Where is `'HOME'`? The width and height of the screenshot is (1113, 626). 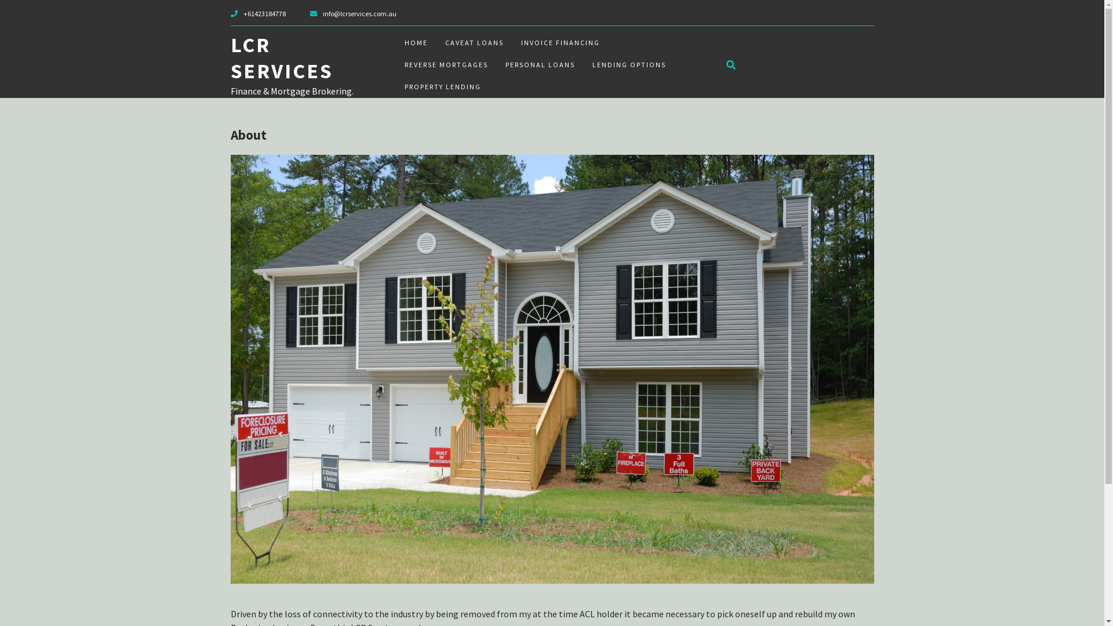 'HOME' is located at coordinates (415, 42).